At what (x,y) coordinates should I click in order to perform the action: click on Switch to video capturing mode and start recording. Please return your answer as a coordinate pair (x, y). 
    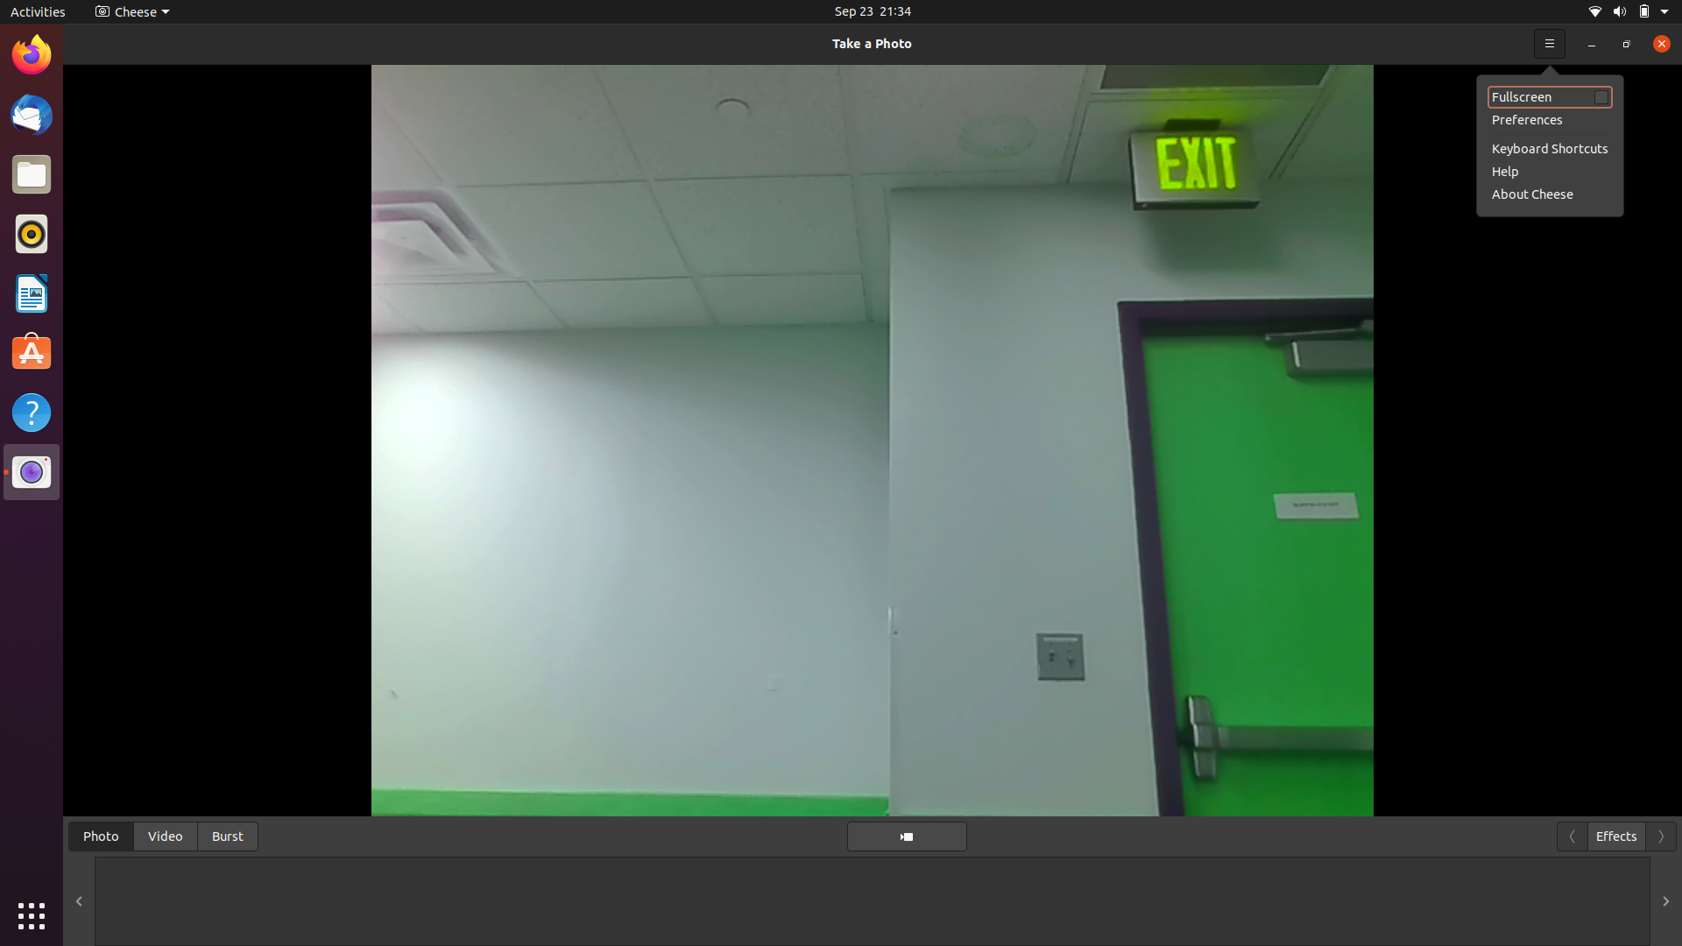
    Looking at the image, I should click on (165, 834).